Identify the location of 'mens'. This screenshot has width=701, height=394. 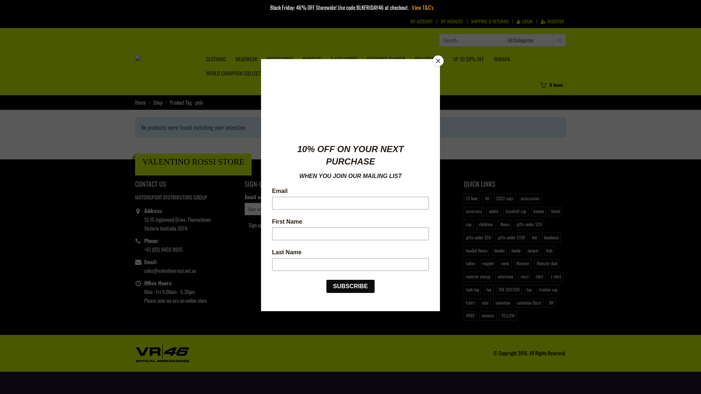
(504, 263).